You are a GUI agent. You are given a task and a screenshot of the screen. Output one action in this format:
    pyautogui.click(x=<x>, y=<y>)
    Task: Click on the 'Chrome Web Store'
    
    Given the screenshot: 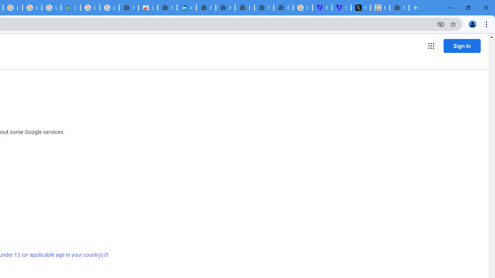 What is the action you would take?
    pyautogui.click(x=148, y=8)
    